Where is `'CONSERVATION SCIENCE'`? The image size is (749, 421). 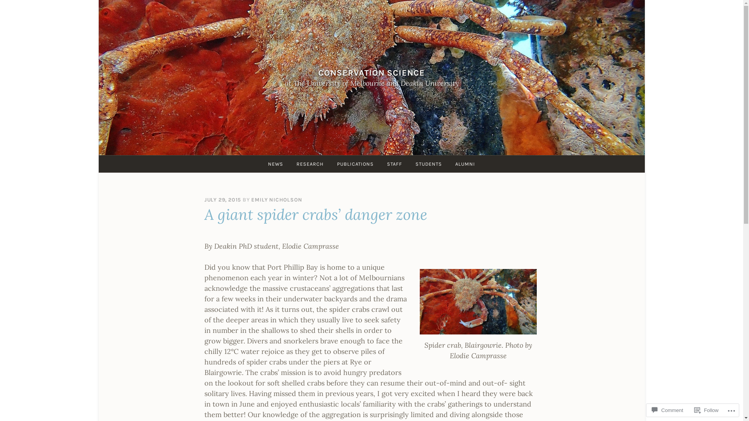
'CONSERVATION SCIENCE' is located at coordinates (371, 73).